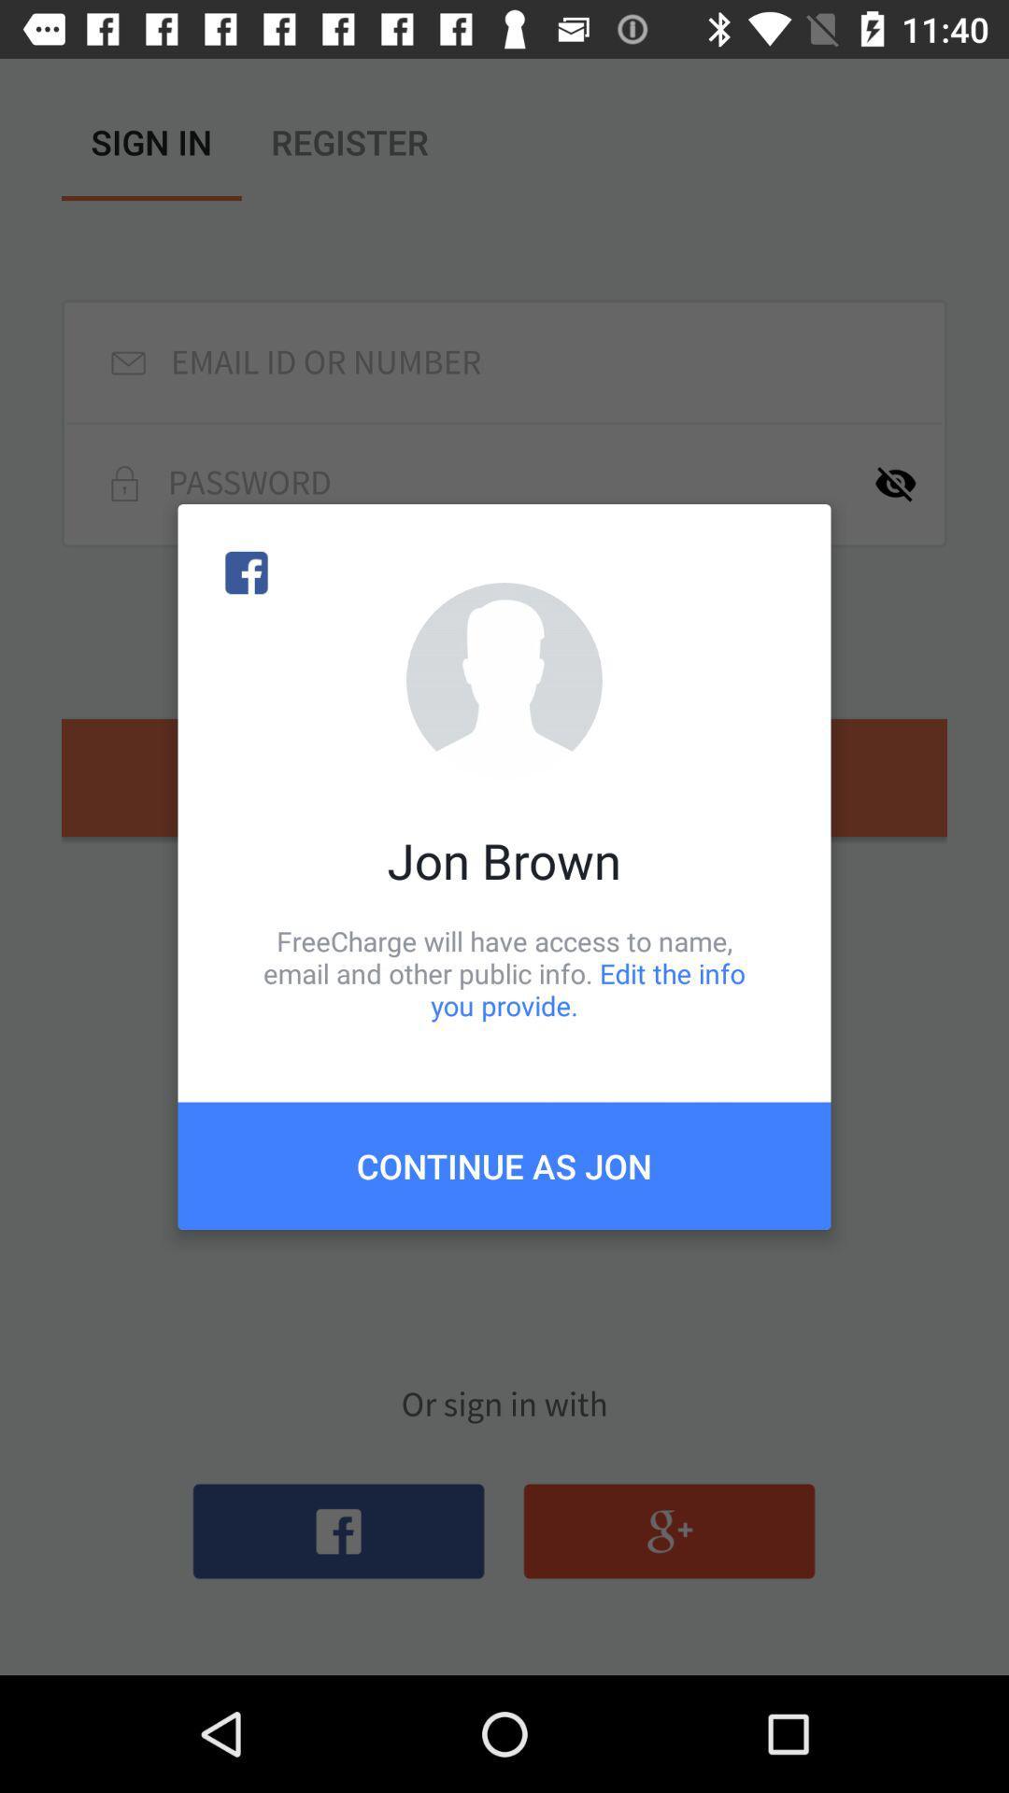 This screenshot has width=1009, height=1793. I want to click on the icon below freecharge will have item, so click(504, 1165).